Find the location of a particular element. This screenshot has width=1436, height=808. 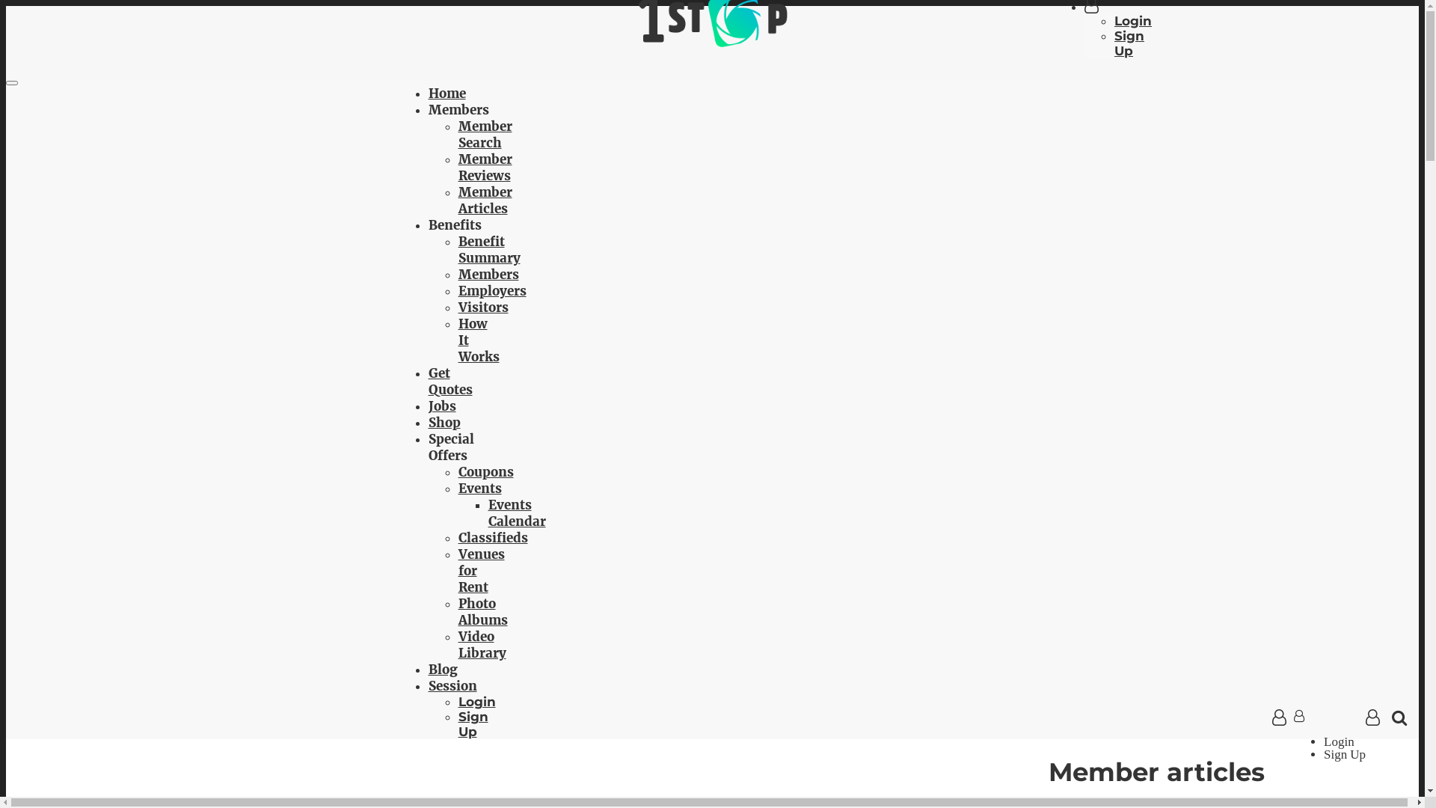

'Member Search' is located at coordinates (456, 135).